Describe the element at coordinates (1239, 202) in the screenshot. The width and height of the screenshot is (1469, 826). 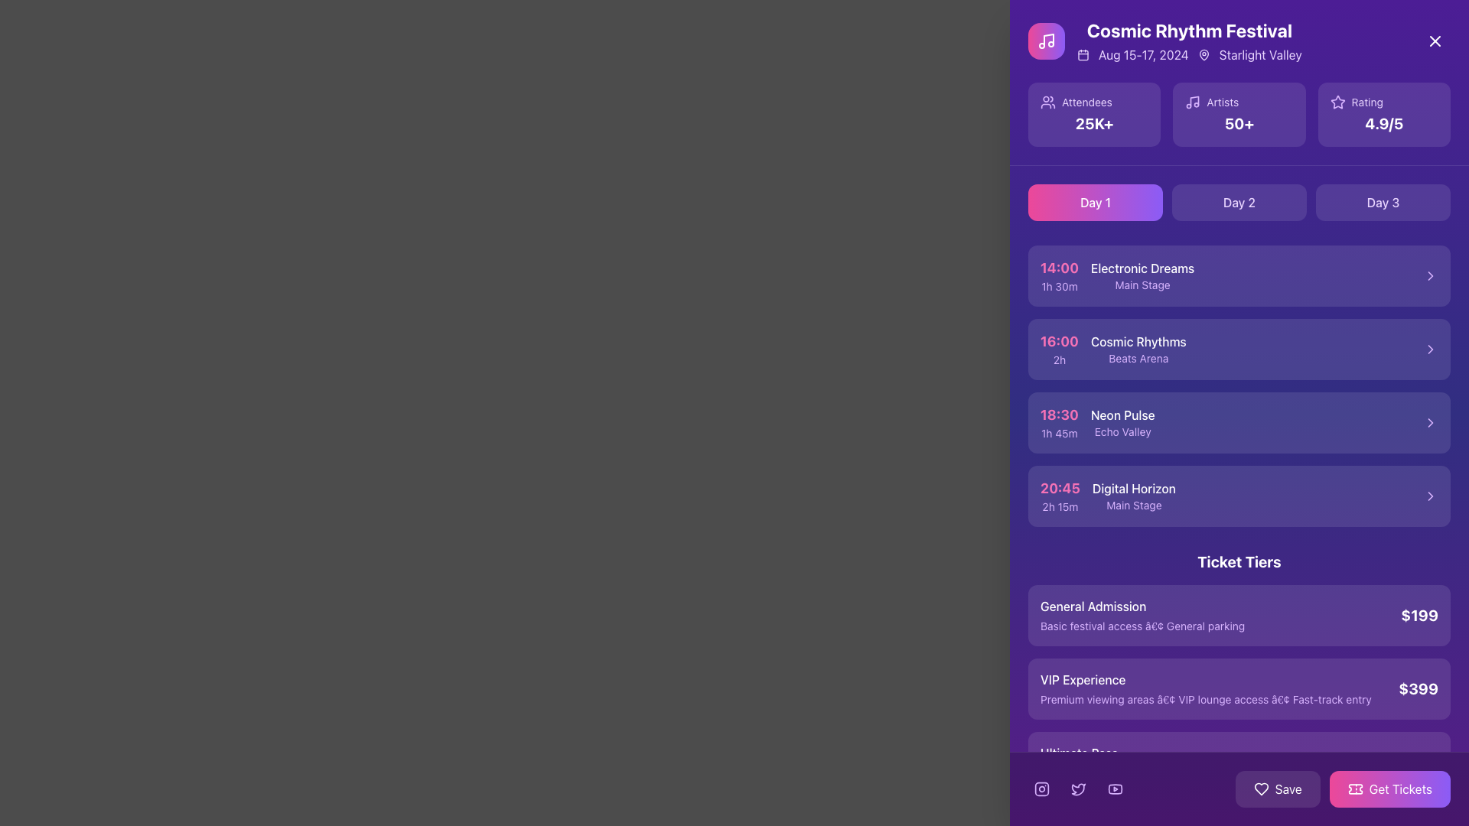
I see `the 'Day 2' text label in the tab selection interface` at that location.